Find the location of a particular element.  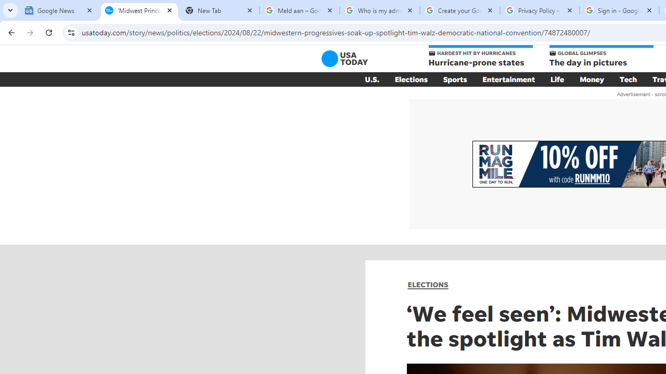

'New Tab' is located at coordinates (219, 10).